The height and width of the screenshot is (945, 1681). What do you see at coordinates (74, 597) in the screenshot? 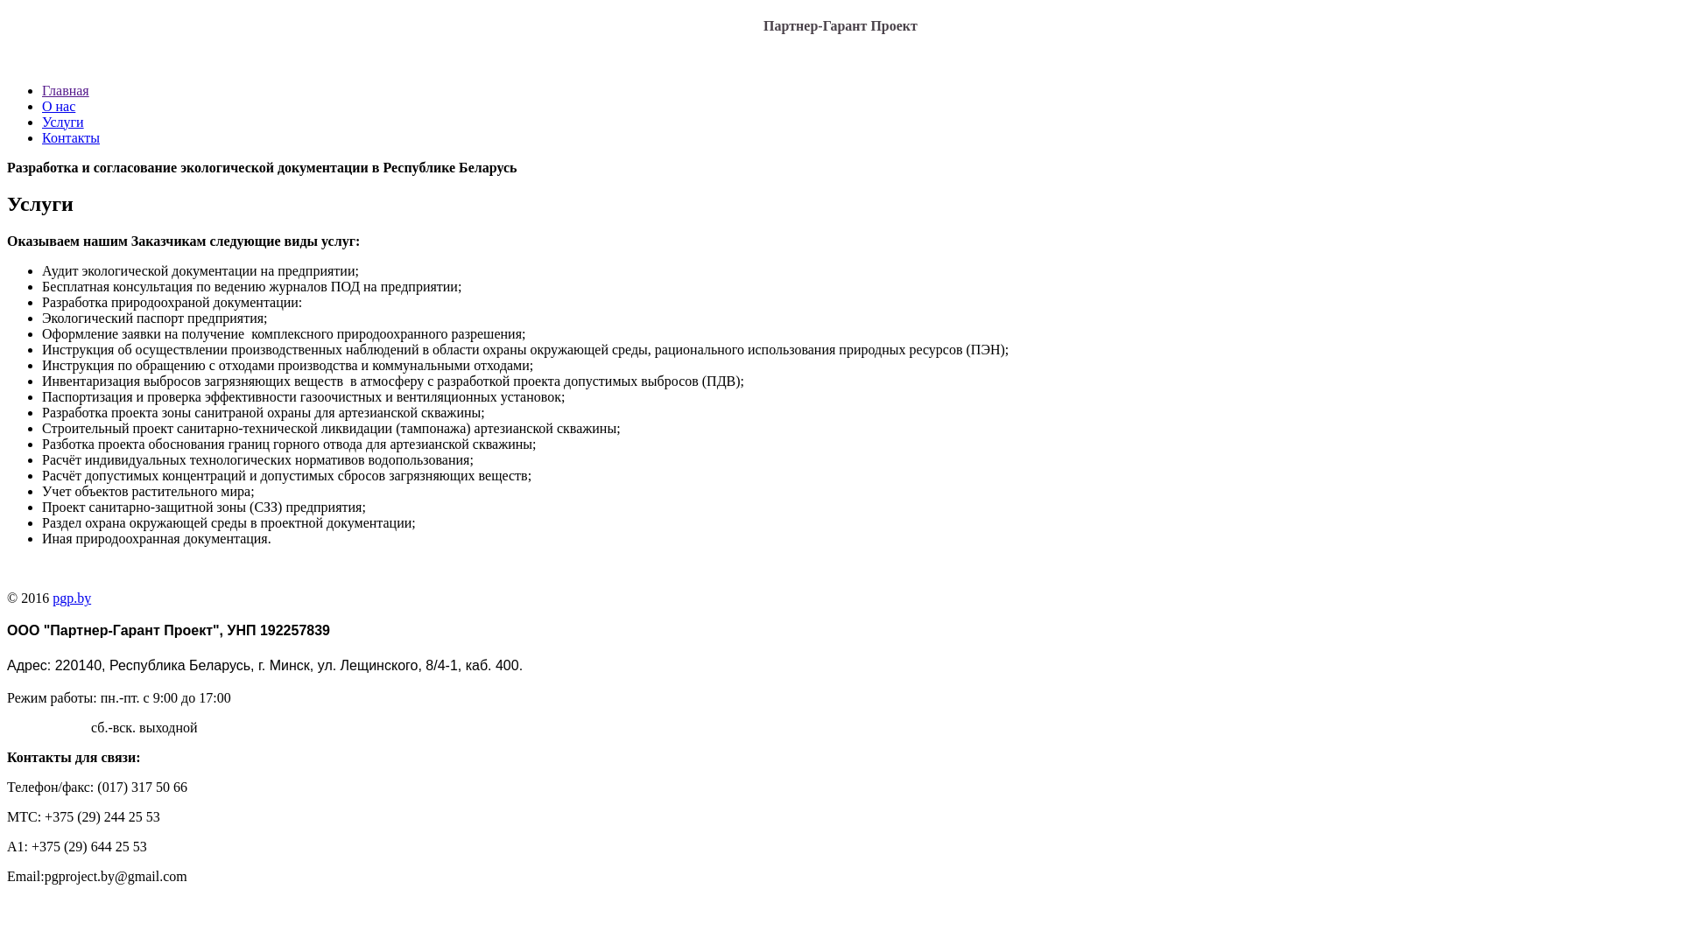
I see `'gp.by'` at bounding box center [74, 597].